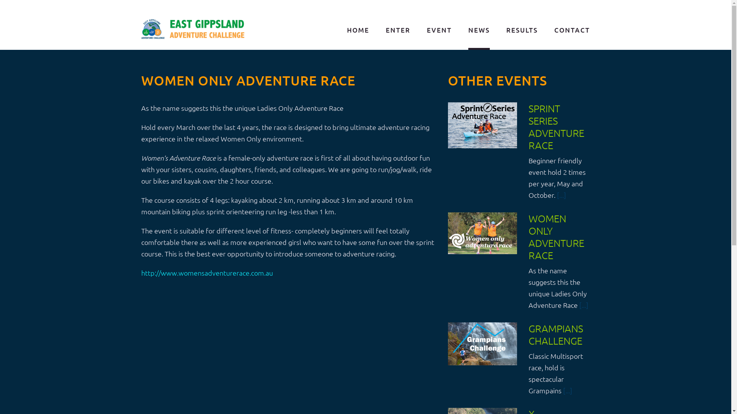 This screenshot has width=737, height=414. What do you see at coordinates (398, 30) in the screenshot?
I see `'ENTER'` at bounding box center [398, 30].